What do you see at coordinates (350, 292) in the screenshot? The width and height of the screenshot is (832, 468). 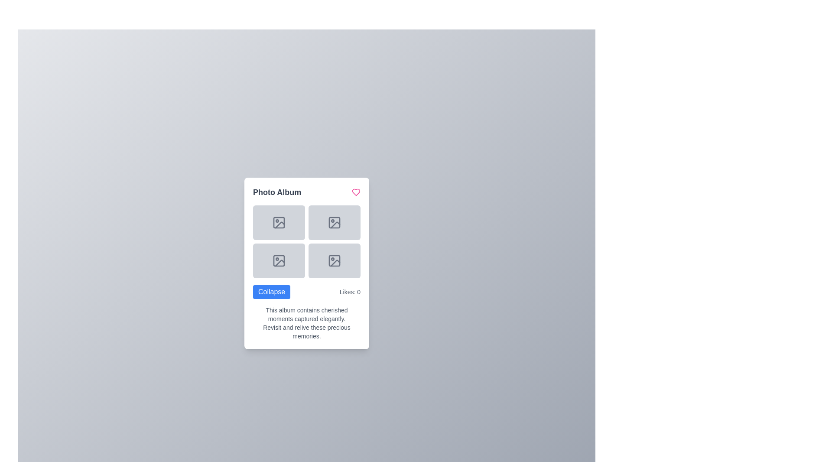 I see `the text display element showing 'Likes: 0', which is positioned below the image grid and to the right of the blue 'Collapse' button` at bounding box center [350, 292].